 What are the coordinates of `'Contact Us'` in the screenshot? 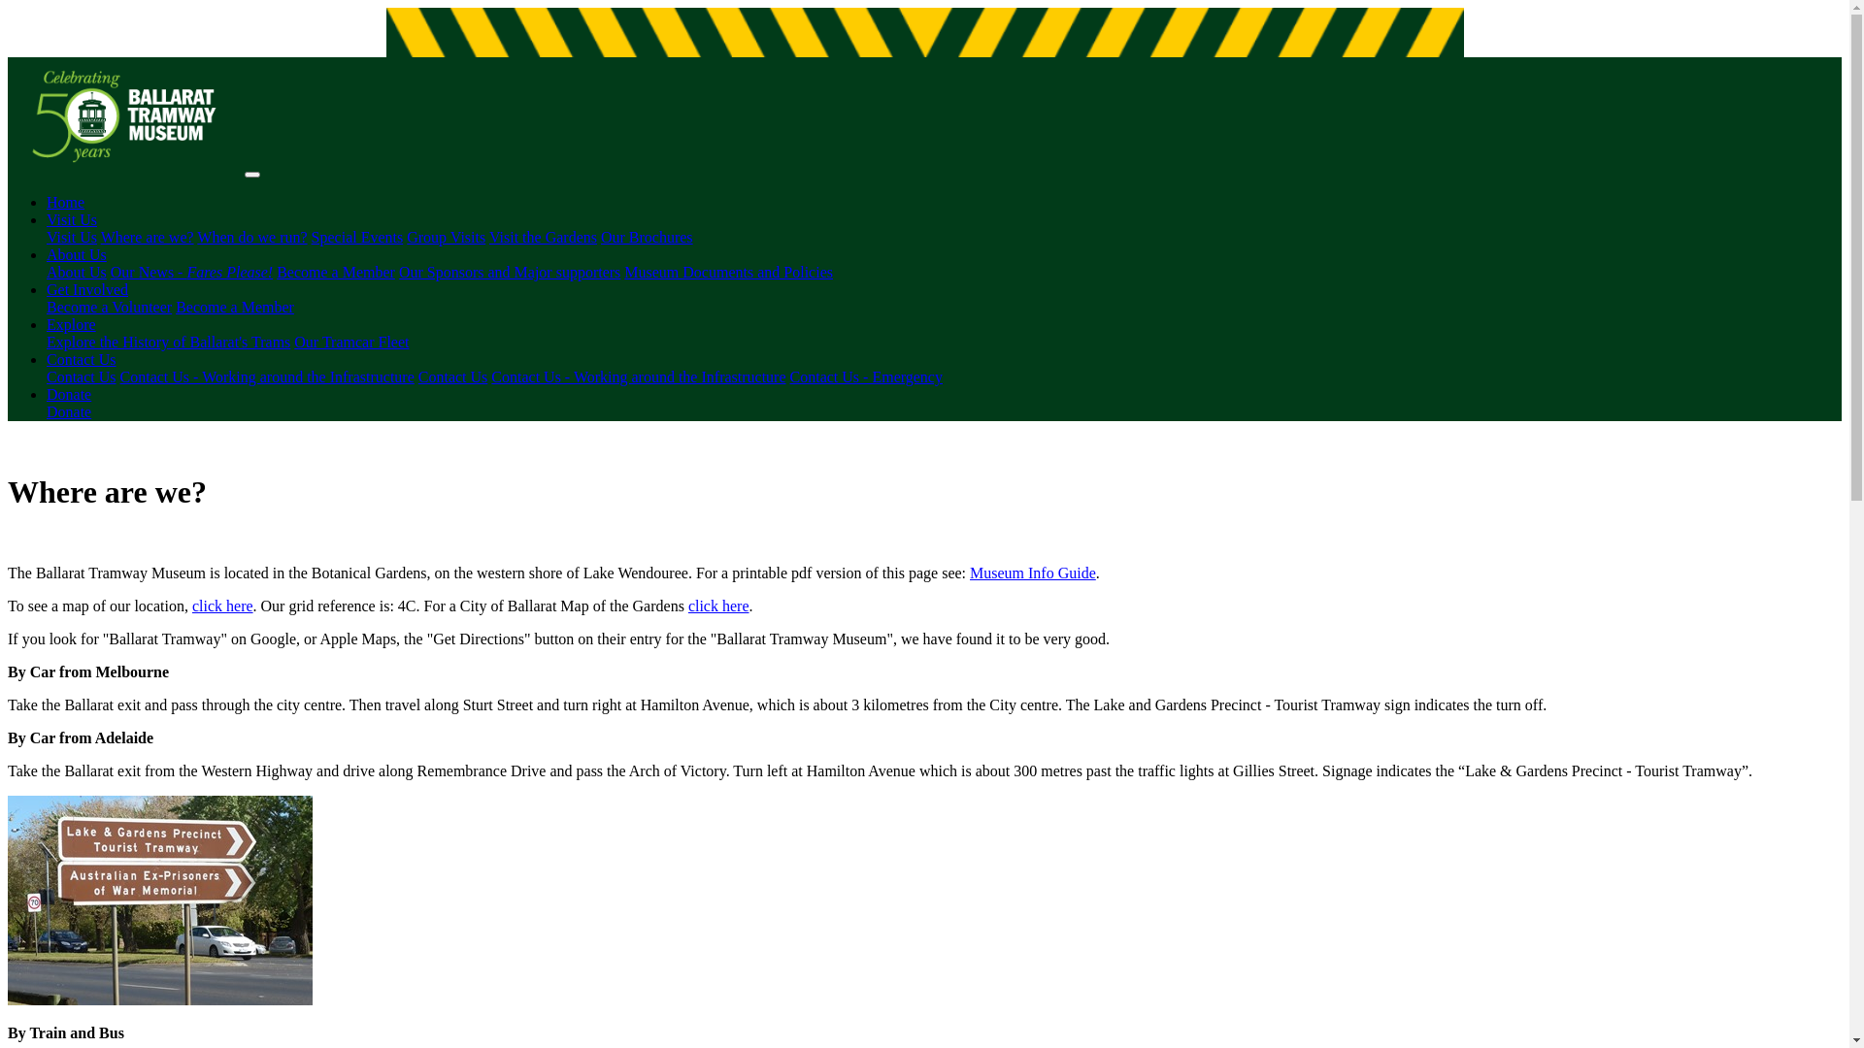 It's located at (80, 377).